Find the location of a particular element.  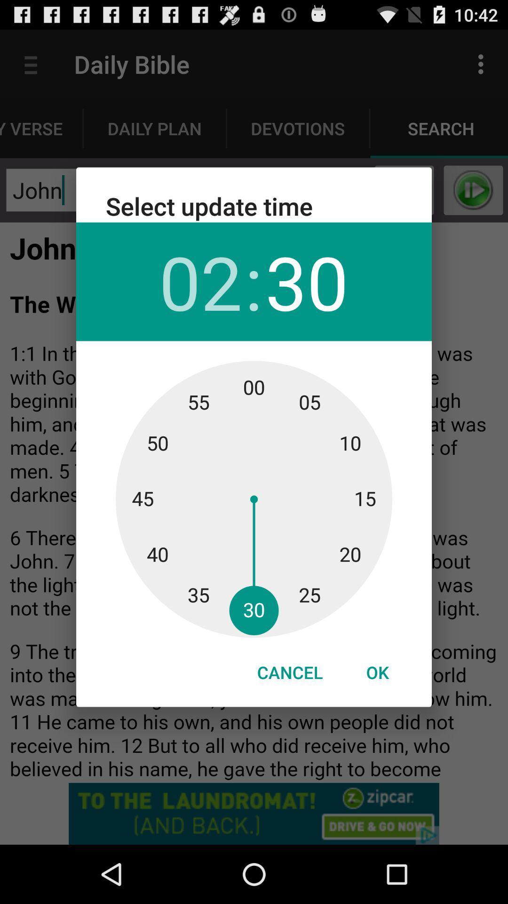

cancel at the bottom is located at coordinates (289, 672).